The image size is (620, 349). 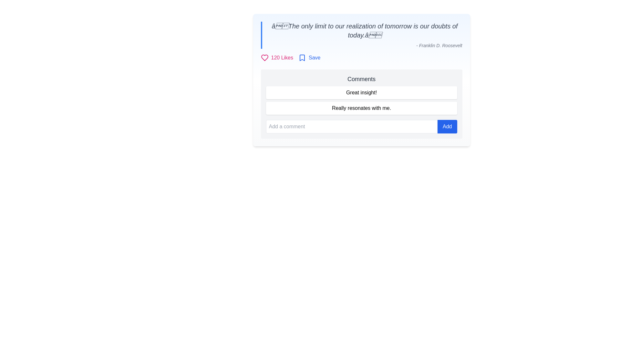 I want to click on the text display indicating the number of 'likes' positioned to the right of the heart-shaped icon, so click(x=282, y=57).